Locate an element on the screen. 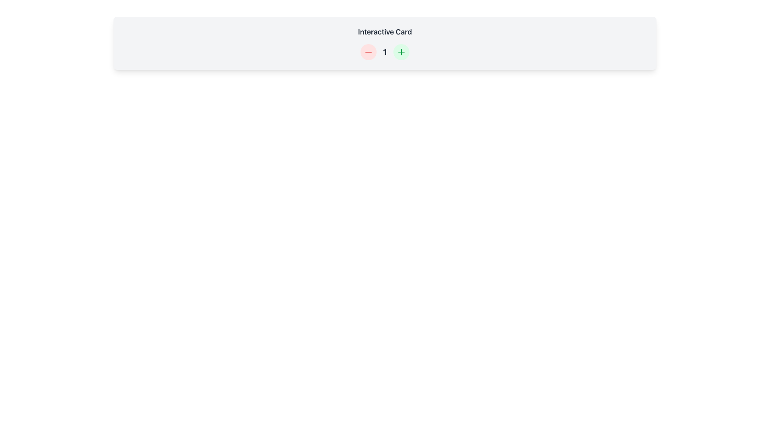 Image resolution: width=770 pixels, height=433 pixels. to select the bold number '1' text label, which is centrally positioned between two circular buttons in the 'Interactive Card' layout is located at coordinates (384, 52).